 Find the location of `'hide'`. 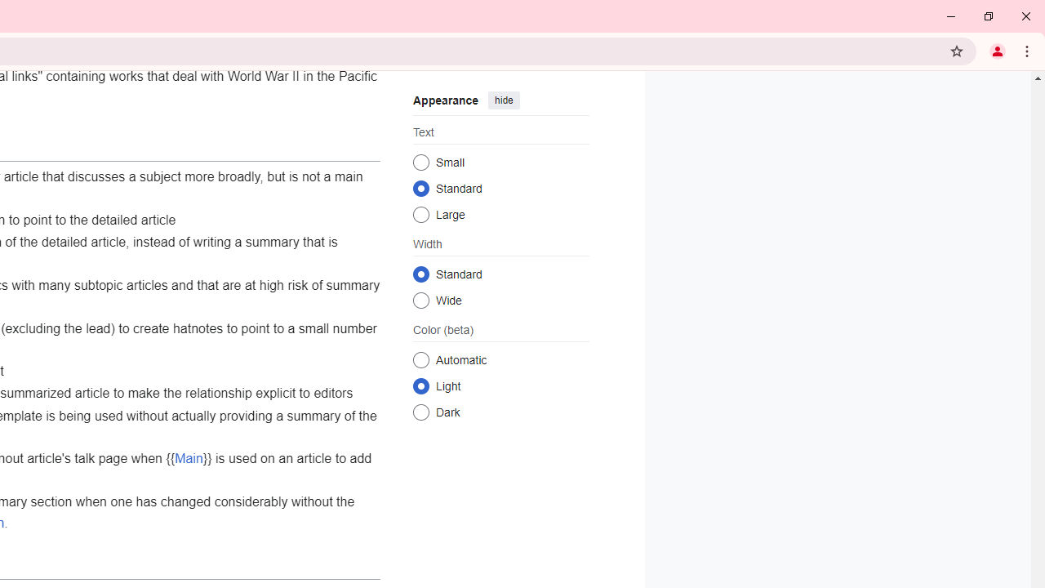

'hide' is located at coordinates (502, 100).